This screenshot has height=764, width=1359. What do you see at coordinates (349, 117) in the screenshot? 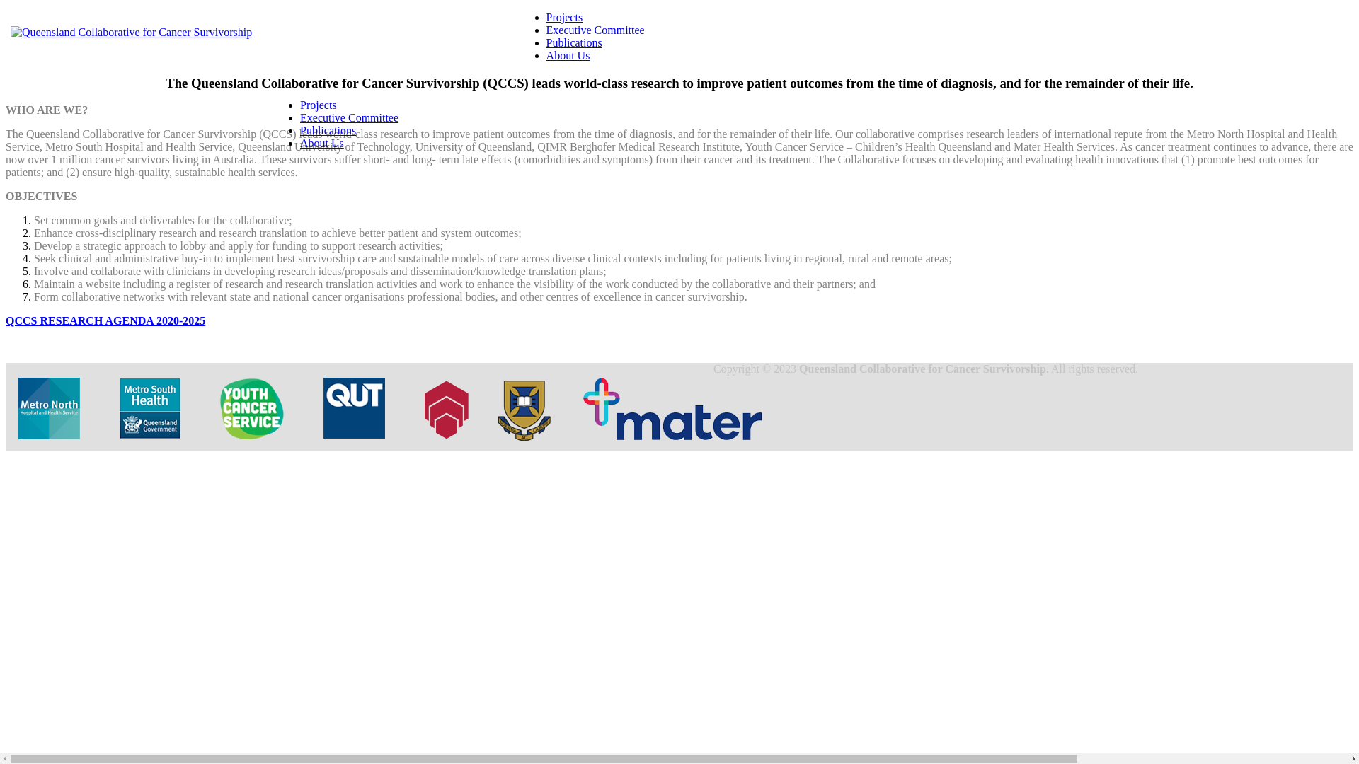
I see `'Executive Committee'` at bounding box center [349, 117].